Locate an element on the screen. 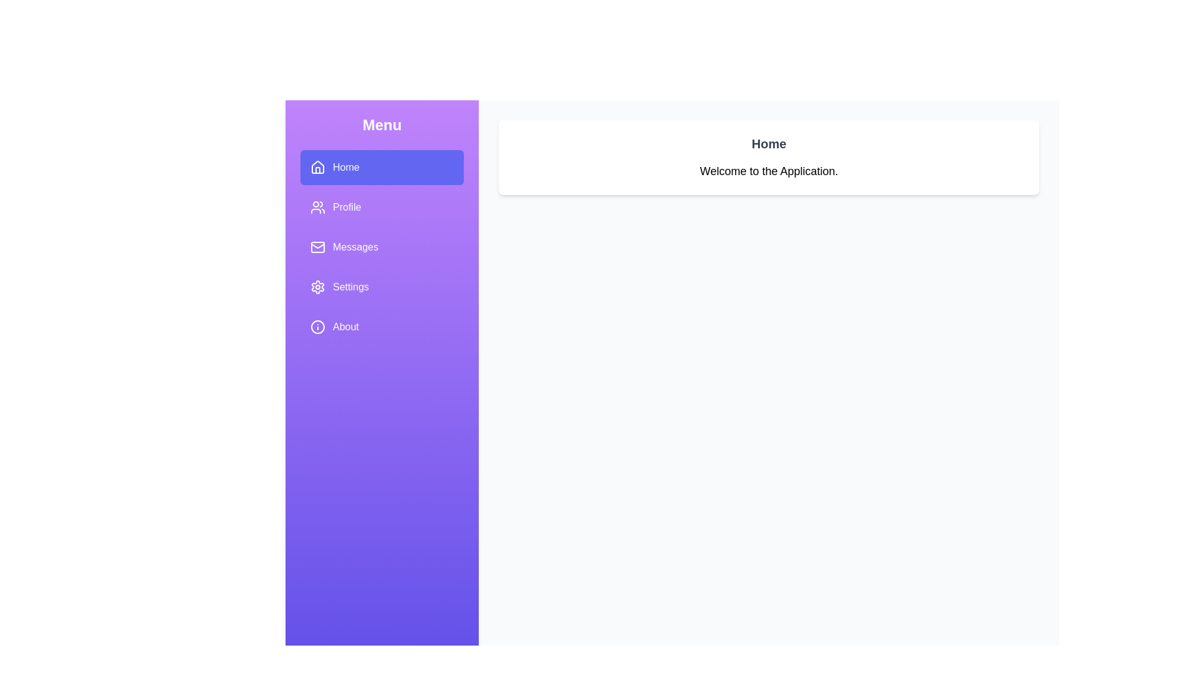  the vertically rectangular house icon located in the left-side menu, which features a roof-like structure at the top and a rectangular body below is located at coordinates (317, 170).